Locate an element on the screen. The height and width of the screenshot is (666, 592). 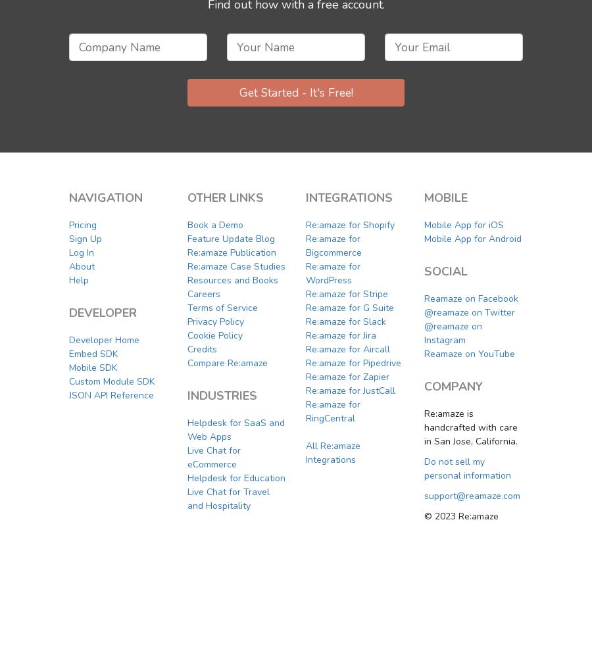
'Credits' is located at coordinates (201, 348).